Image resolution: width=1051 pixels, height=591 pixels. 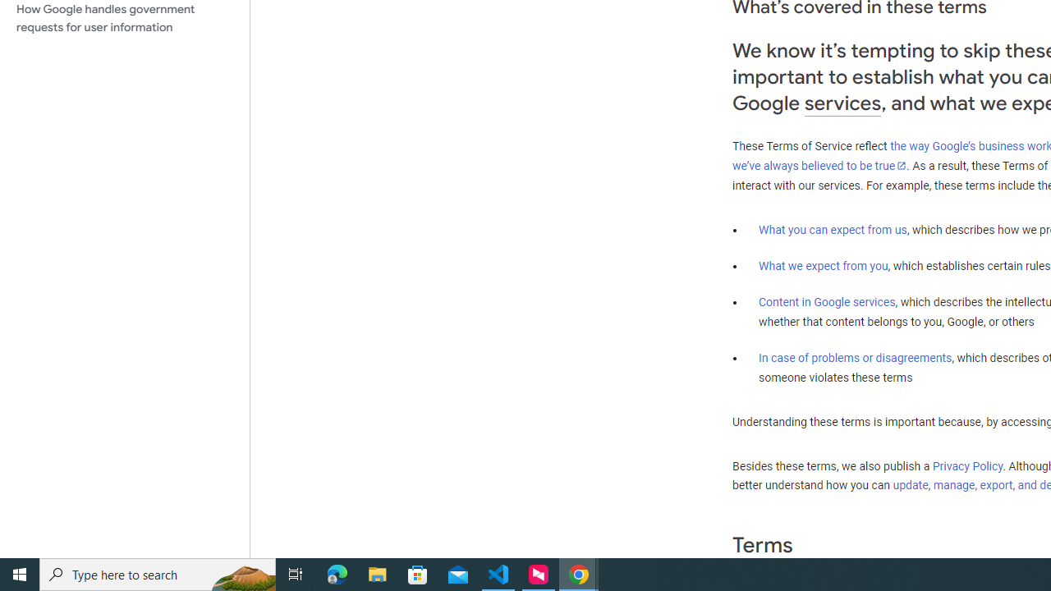 I want to click on 'What you can expect from us', so click(x=833, y=229).